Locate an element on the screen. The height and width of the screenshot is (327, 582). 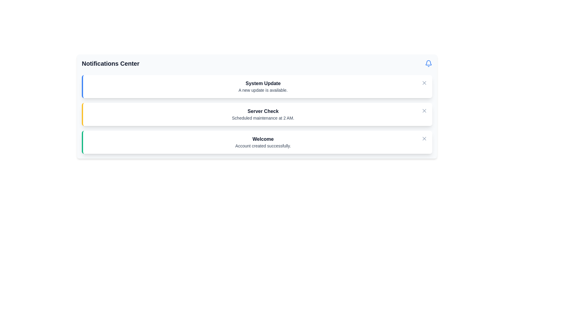
the third notification card in the 'Notifications Center' that informs the user of a successful account creation is located at coordinates (257, 142).